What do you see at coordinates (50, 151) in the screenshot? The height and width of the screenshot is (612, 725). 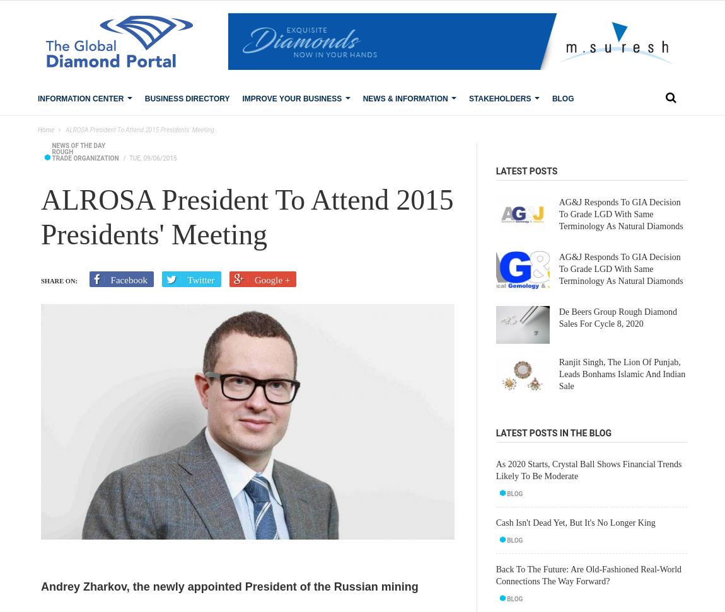 I see `'Rough'` at bounding box center [50, 151].